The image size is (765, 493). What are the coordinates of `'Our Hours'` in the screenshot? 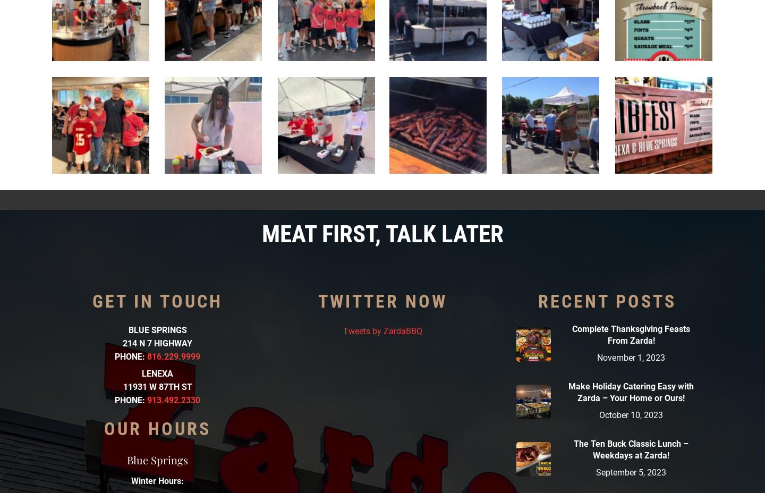 It's located at (157, 427).